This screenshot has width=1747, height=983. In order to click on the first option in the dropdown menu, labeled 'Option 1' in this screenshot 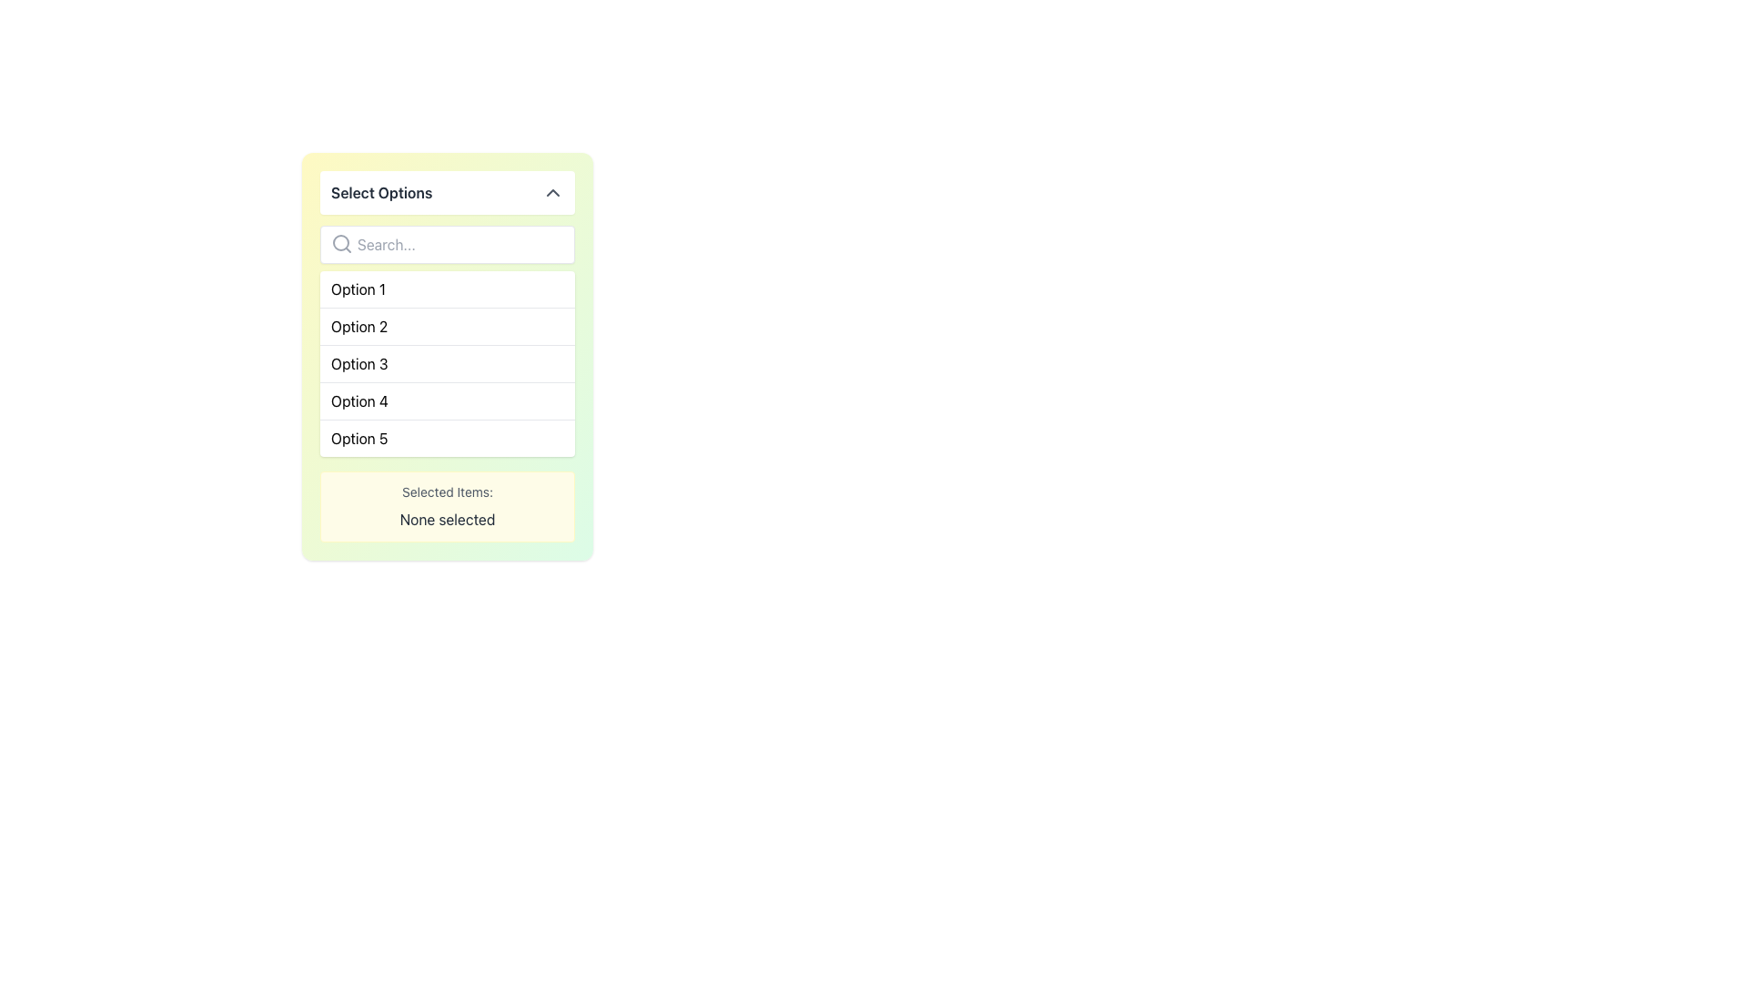, I will do `click(447, 288)`.